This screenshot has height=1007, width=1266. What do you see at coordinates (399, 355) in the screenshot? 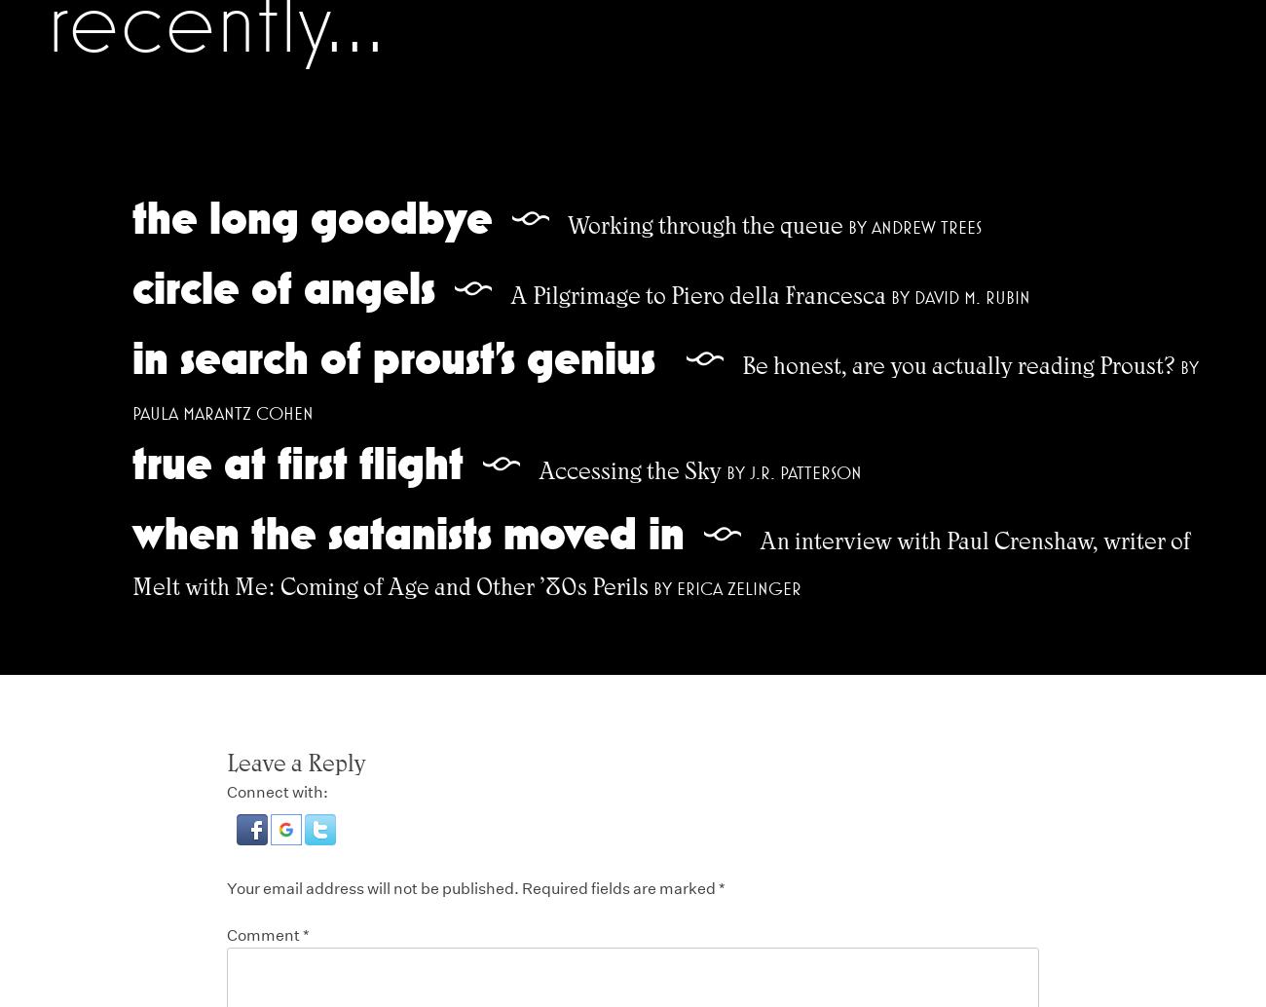
I see `'In Search of Proust’s Genius'` at bounding box center [399, 355].